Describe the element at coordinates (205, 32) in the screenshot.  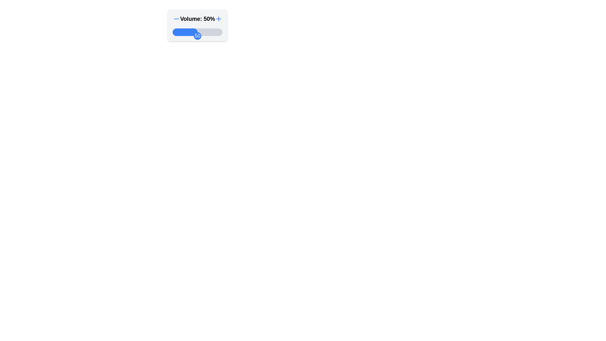
I see `the slider` at that location.